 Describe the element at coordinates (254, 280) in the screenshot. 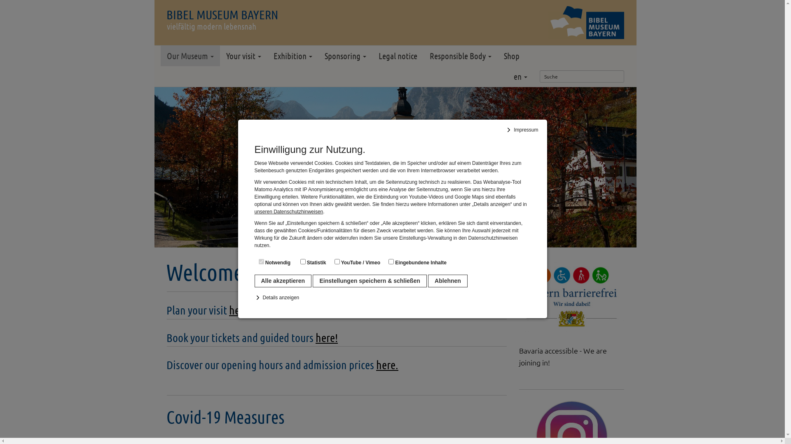

I see `'Alle akzeptieren'` at that location.